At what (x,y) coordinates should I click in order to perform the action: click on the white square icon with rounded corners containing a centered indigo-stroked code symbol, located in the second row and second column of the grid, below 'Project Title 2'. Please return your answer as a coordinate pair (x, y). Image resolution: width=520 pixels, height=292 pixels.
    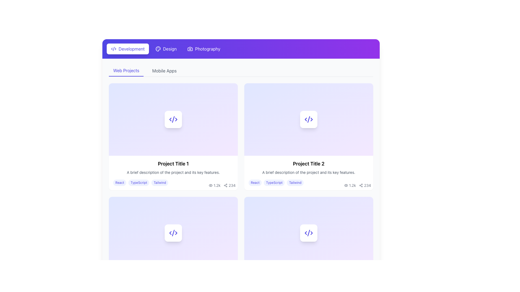
    Looking at the image, I should click on (309, 232).